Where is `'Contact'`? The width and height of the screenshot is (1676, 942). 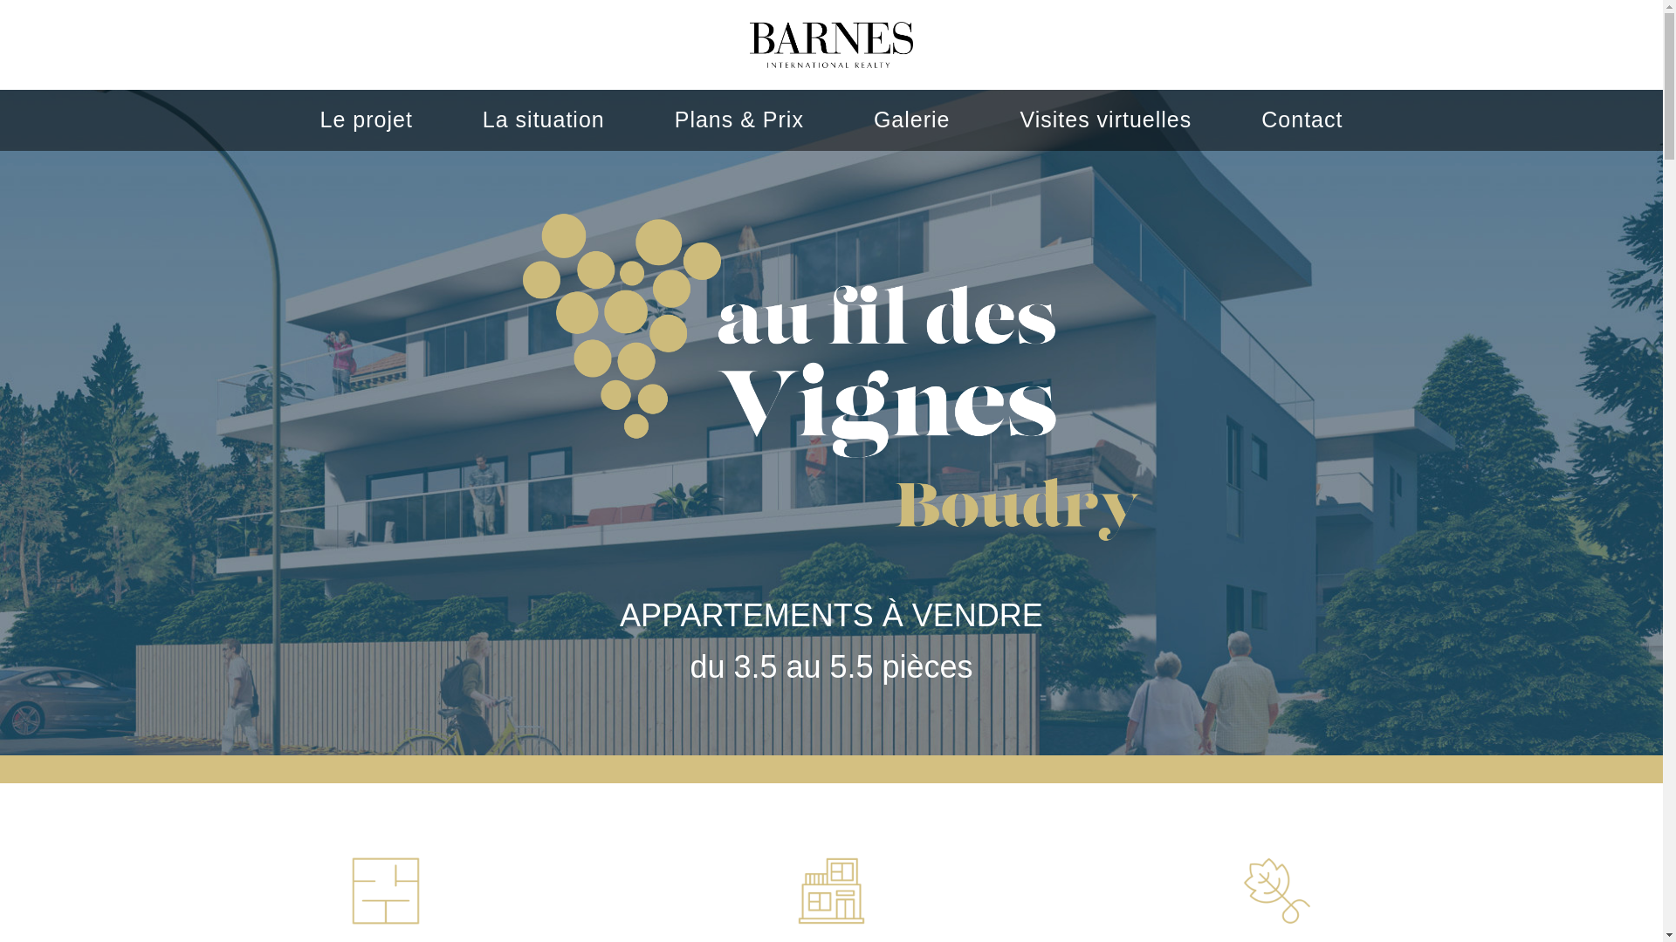
'Contact' is located at coordinates (1302, 119).